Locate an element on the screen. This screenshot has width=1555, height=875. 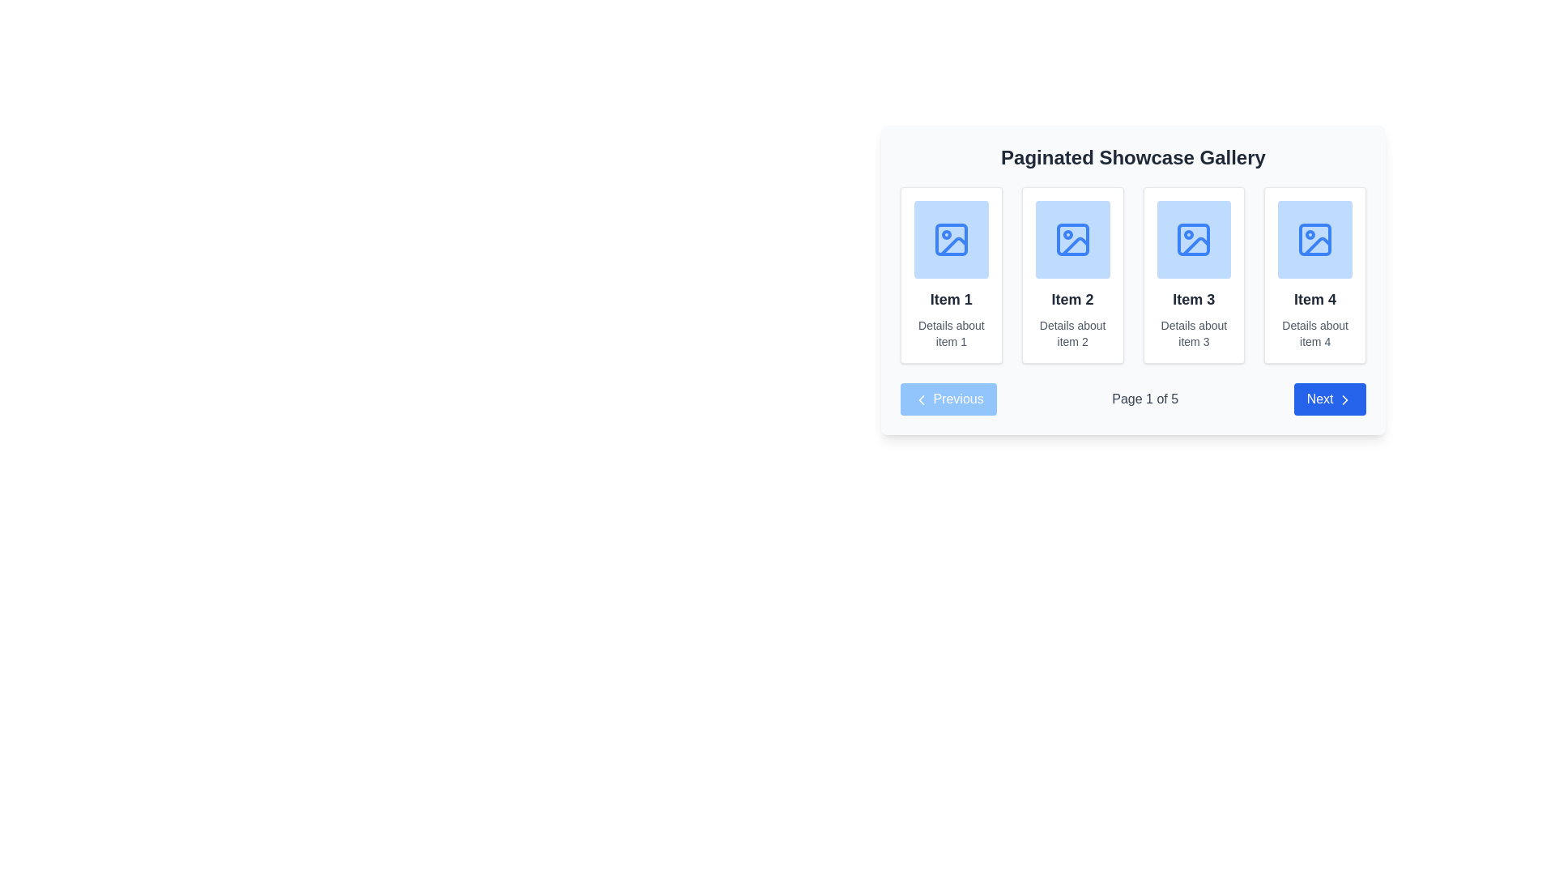
the text label displaying 'Details about item 1' in small, gray-colored font is located at coordinates (951, 333).